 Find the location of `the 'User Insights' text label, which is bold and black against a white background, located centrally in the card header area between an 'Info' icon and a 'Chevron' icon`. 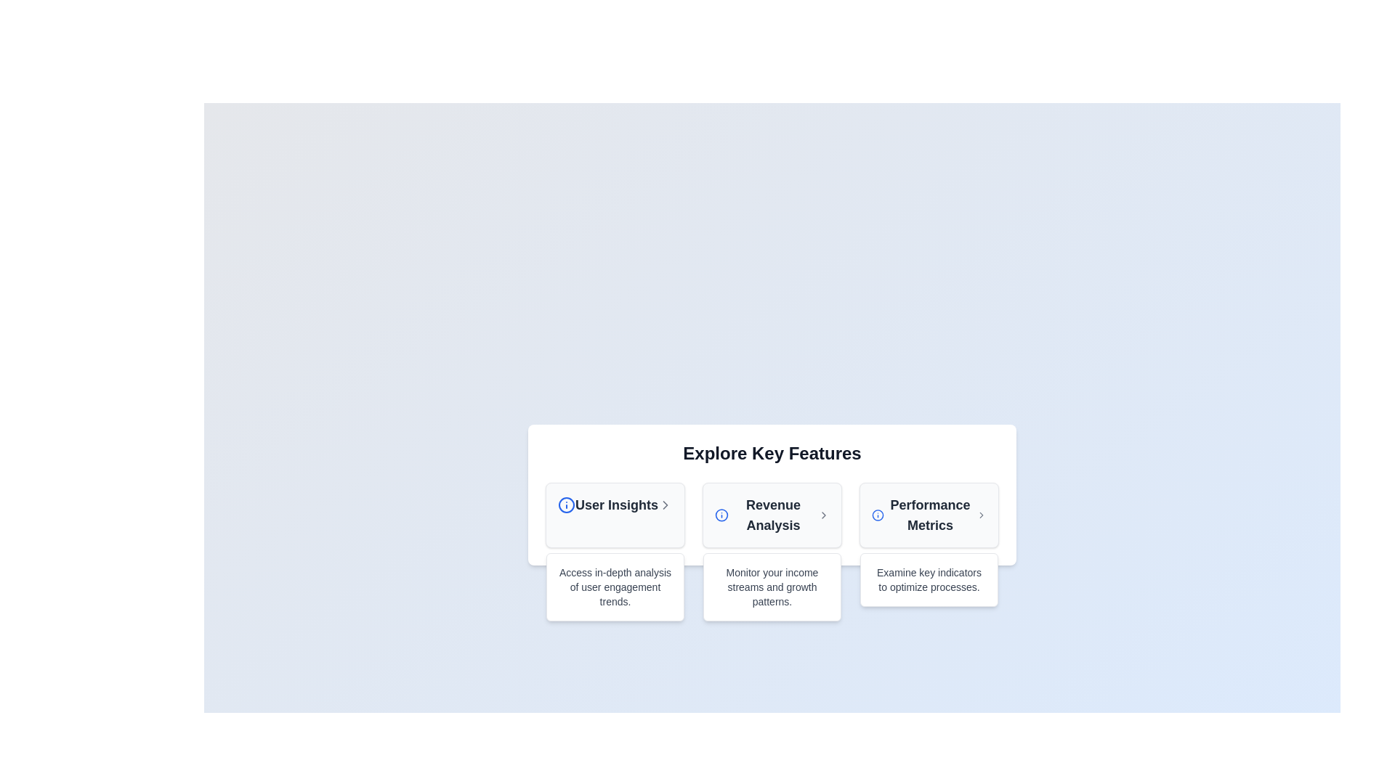

the 'User Insights' text label, which is bold and black against a white background, located centrally in the card header area between an 'Info' icon and a 'Chevron' icon is located at coordinates (617, 504).